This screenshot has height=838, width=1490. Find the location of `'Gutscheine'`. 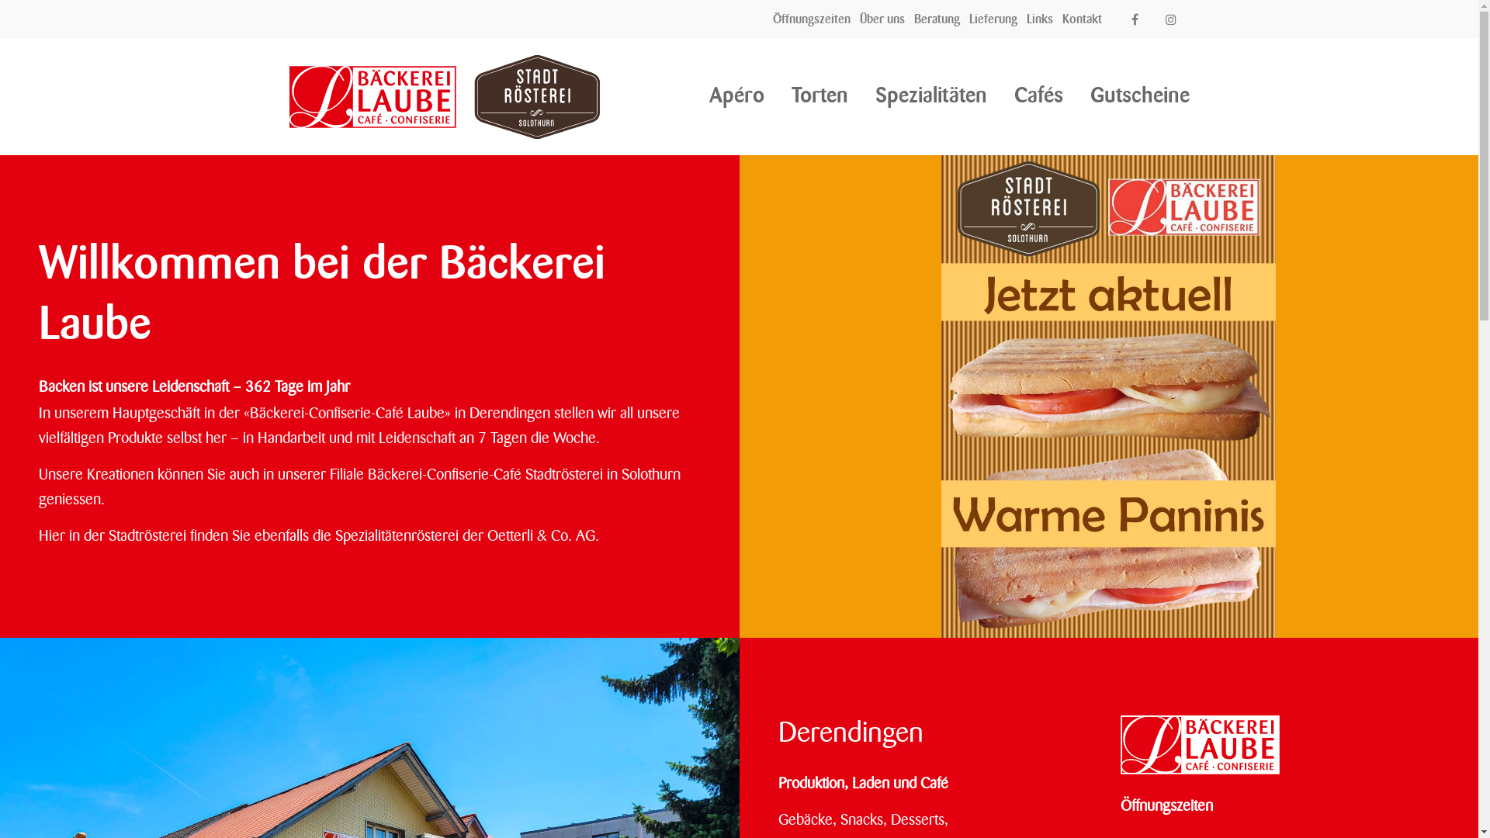

'Gutscheine' is located at coordinates (1139, 95).